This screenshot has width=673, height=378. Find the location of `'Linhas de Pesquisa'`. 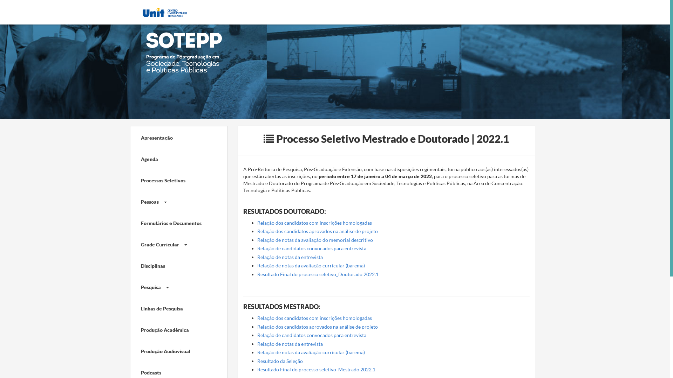

'Linhas de Pesquisa' is located at coordinates (173, 307).